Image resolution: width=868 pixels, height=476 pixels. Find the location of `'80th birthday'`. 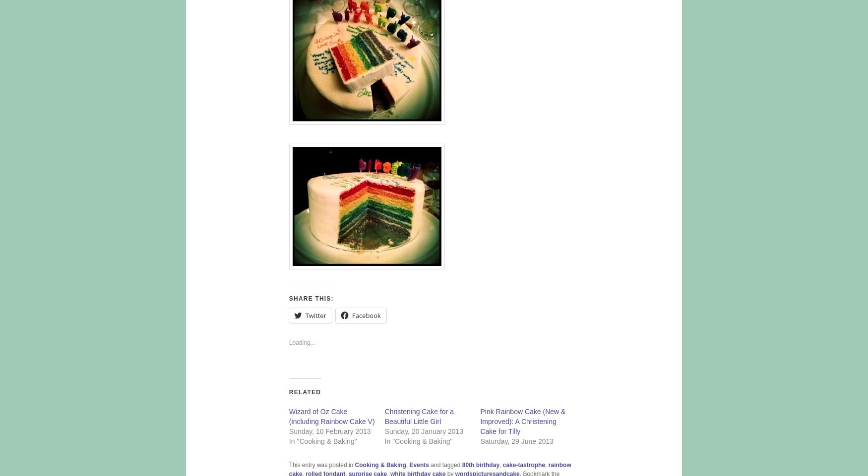

'80th birthday' is located at coordinates (480, 465).